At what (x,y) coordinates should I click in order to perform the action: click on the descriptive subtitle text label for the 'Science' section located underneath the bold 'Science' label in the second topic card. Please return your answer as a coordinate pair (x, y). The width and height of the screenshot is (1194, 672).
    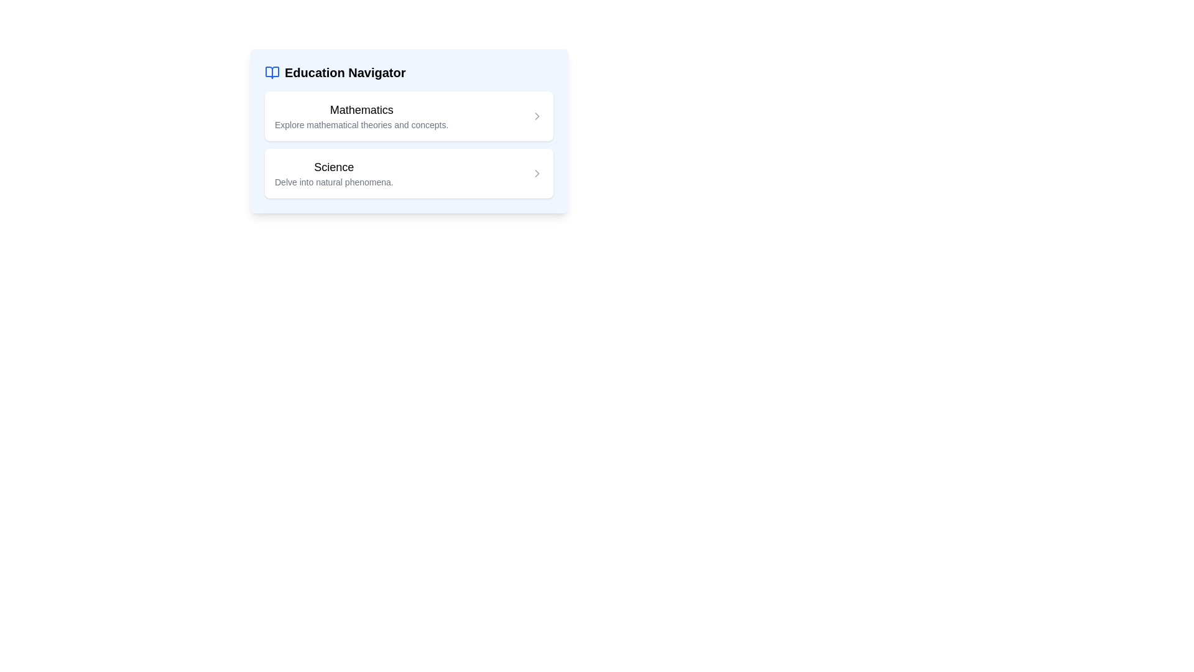
    Looking at the image, I should click on (334, 182).